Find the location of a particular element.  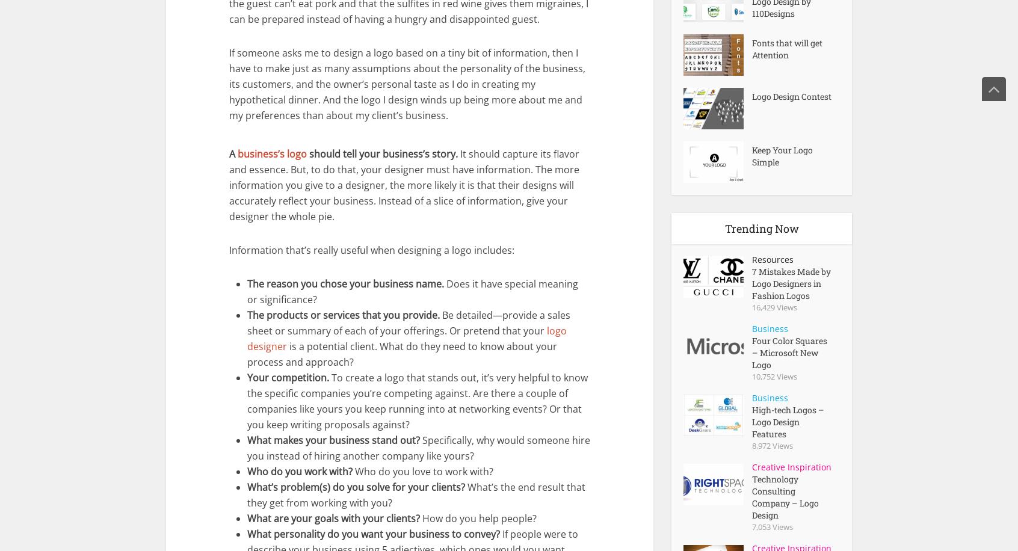

'business’s logo' is located at coordinates (271, 154).